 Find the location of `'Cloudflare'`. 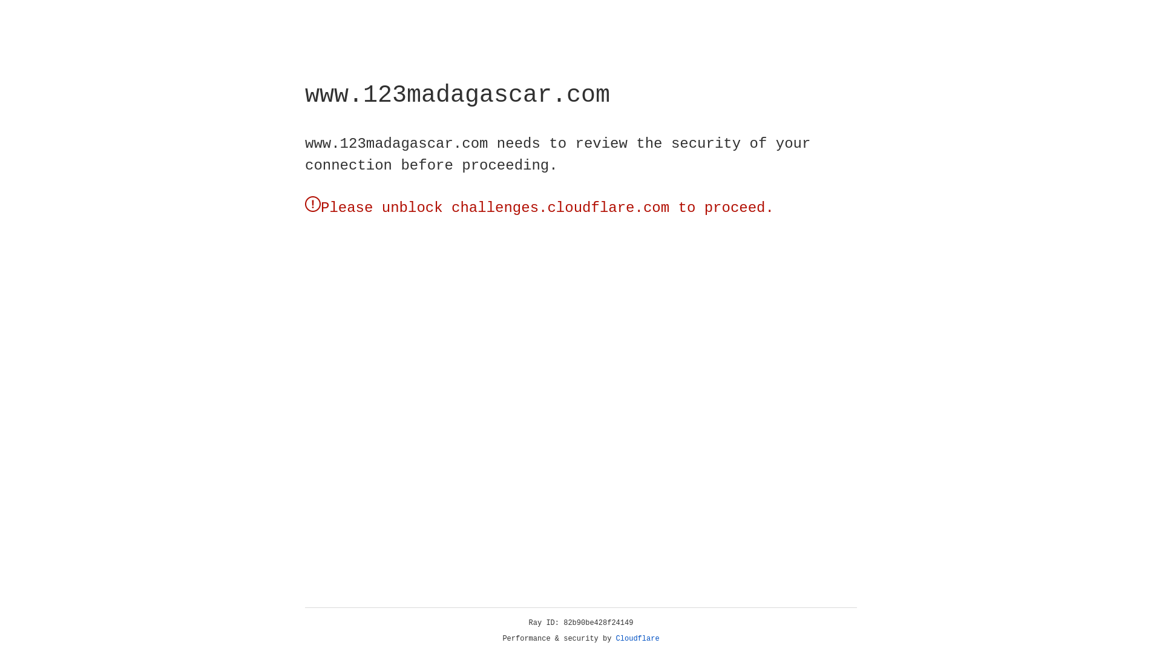

'Cloudflare' is located at coordinates (637, 638).